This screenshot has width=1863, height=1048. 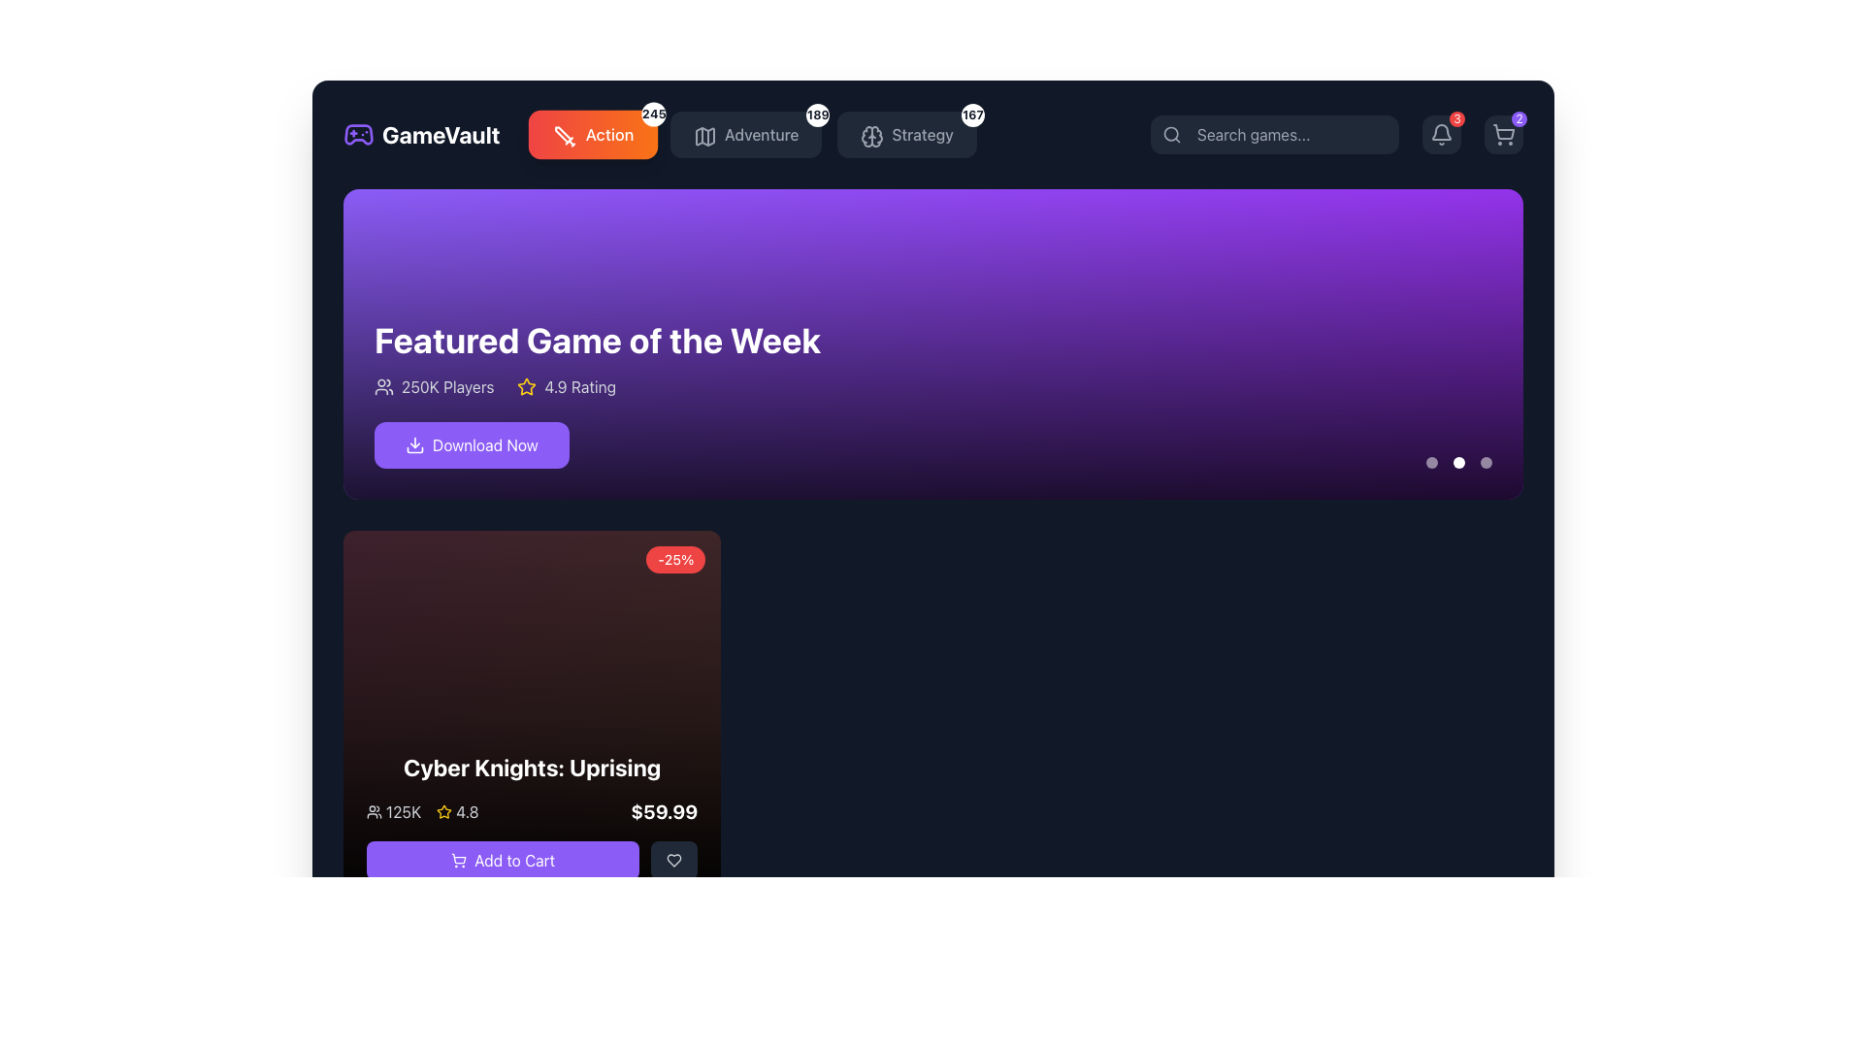 What do you see at coordinates (674, 860) in the screenshot?
I see `the heart-shaped icon located` at bounding box center [674, 860].